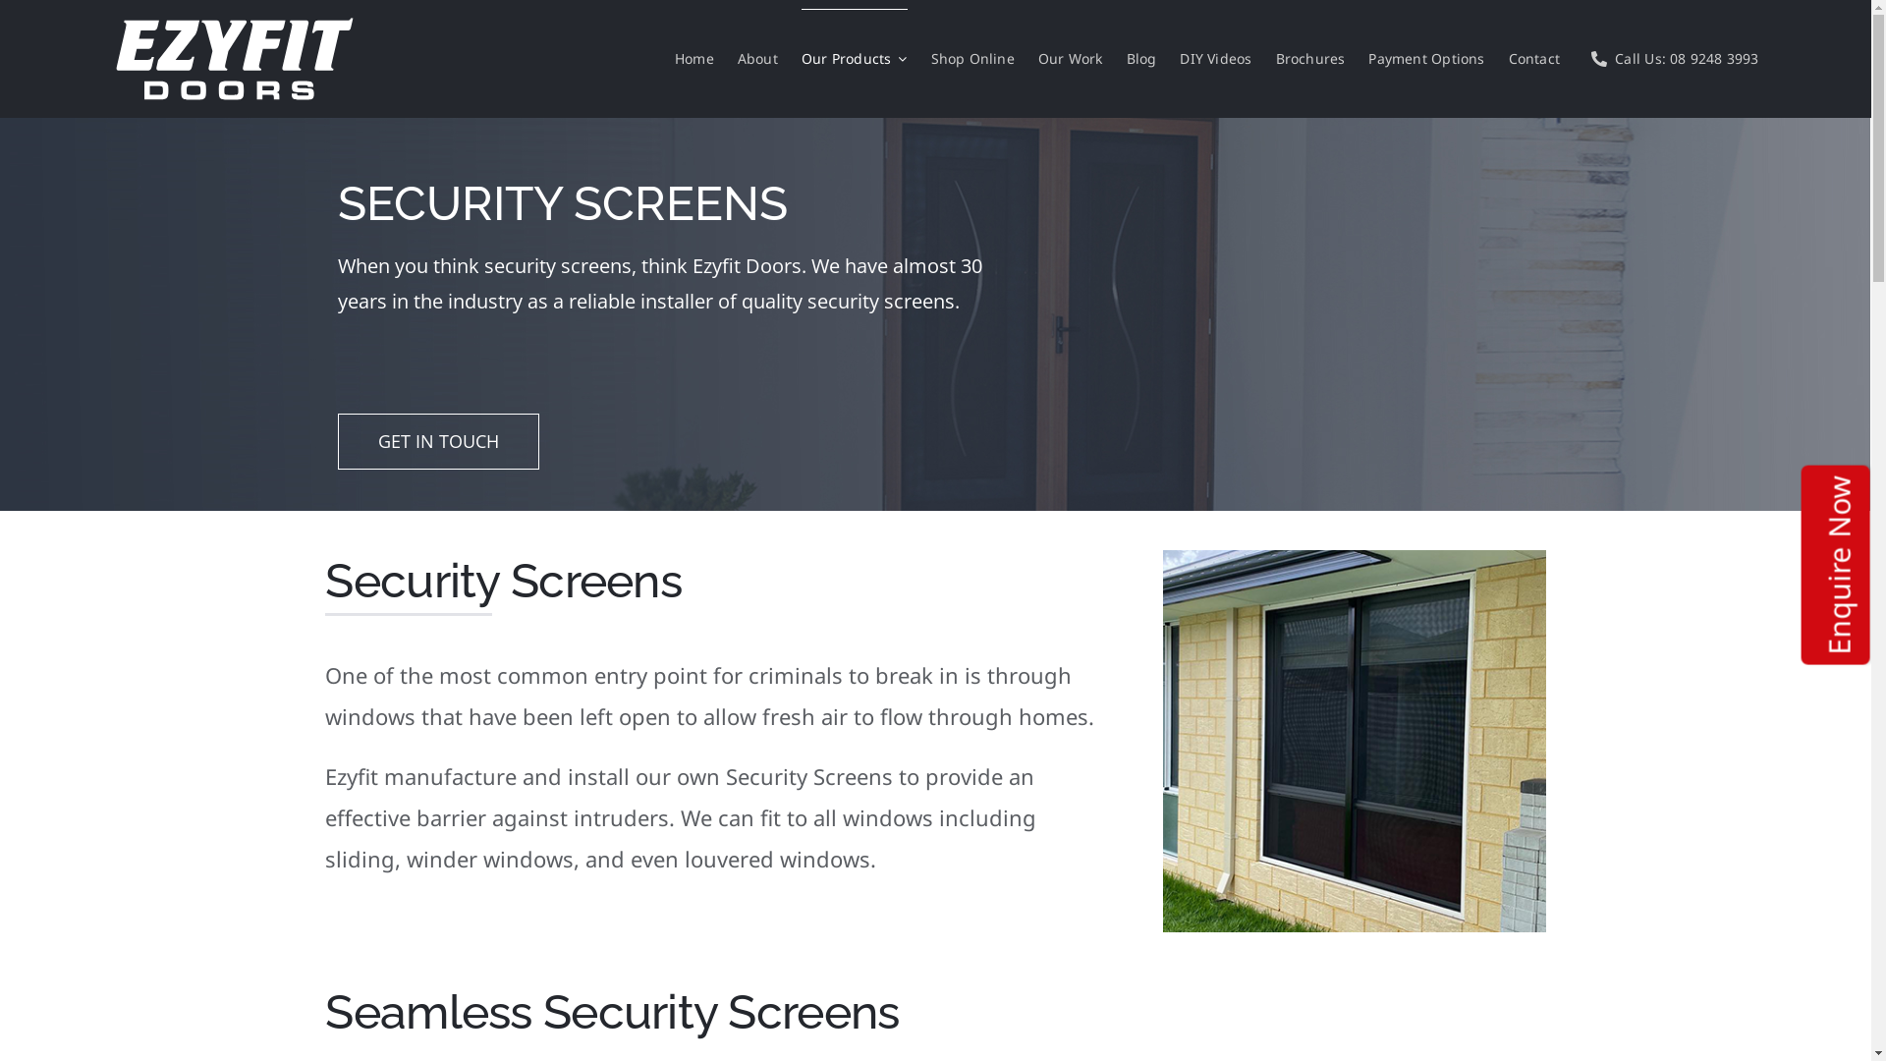 The width and height of the screenshot is (1886, 1061). I want to click on 'Payment Options', so click(1425, 57).